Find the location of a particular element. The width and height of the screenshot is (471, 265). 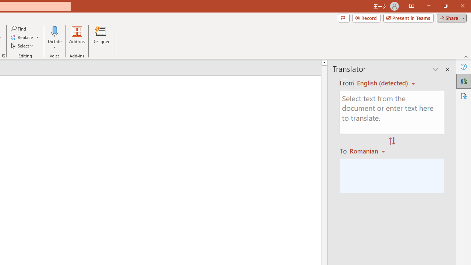

'Romanian' is located at coordinates (368, 151).